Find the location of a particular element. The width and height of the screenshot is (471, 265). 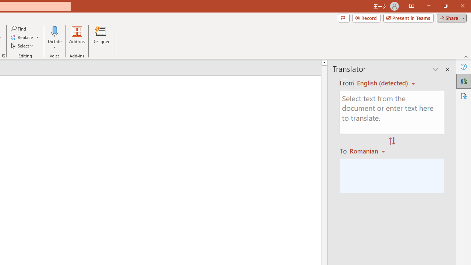

'Romanian' is located at coordinates (368, 151).